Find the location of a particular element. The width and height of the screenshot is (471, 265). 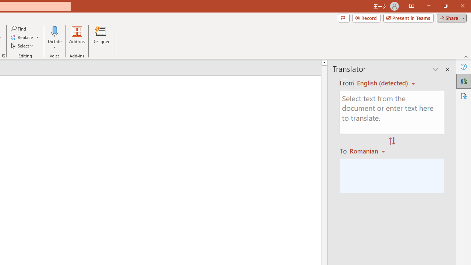

'Romanian' is located at coordinates (368, 151).